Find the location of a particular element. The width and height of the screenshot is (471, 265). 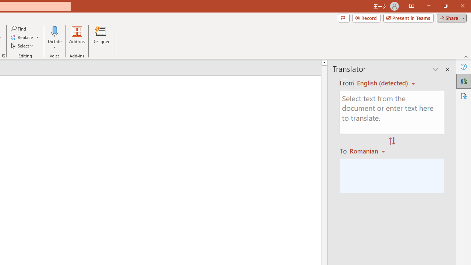

'Romanian' is located at coordinates (368, 151).